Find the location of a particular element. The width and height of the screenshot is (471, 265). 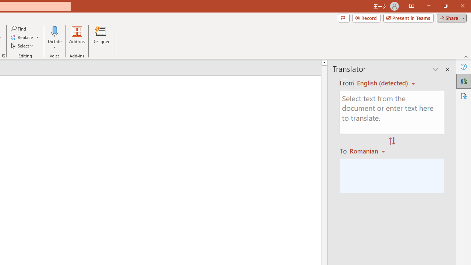

'Romanian' is located at coordinates (368, 151).